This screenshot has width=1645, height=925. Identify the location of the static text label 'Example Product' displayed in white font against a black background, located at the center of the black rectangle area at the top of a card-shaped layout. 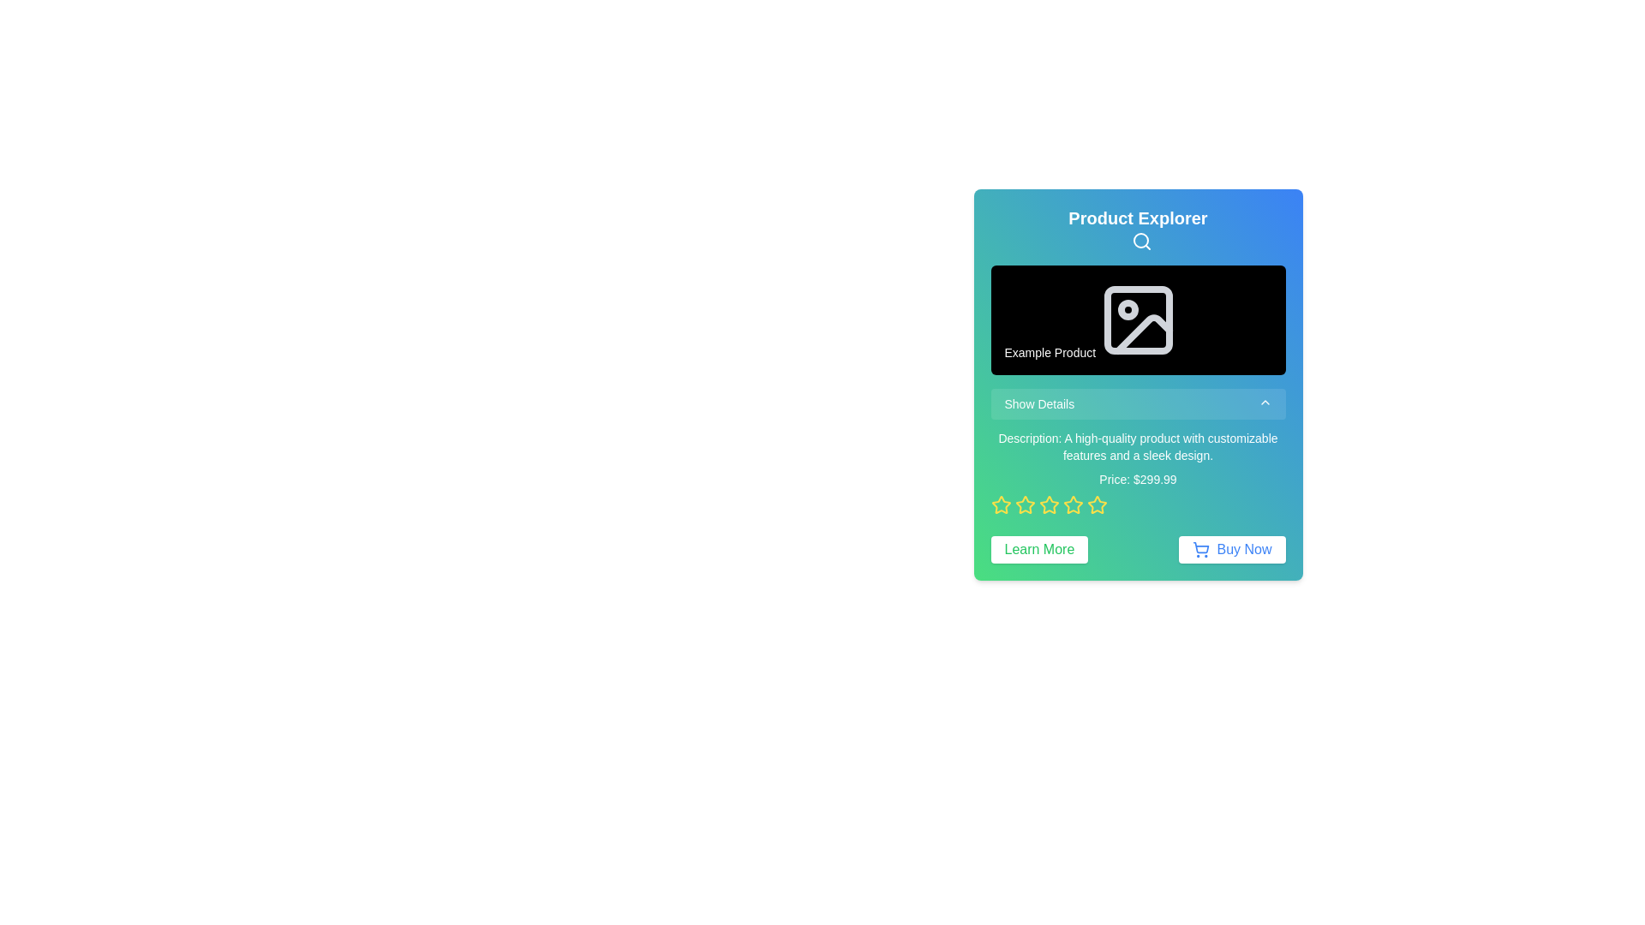
(1049, 351).